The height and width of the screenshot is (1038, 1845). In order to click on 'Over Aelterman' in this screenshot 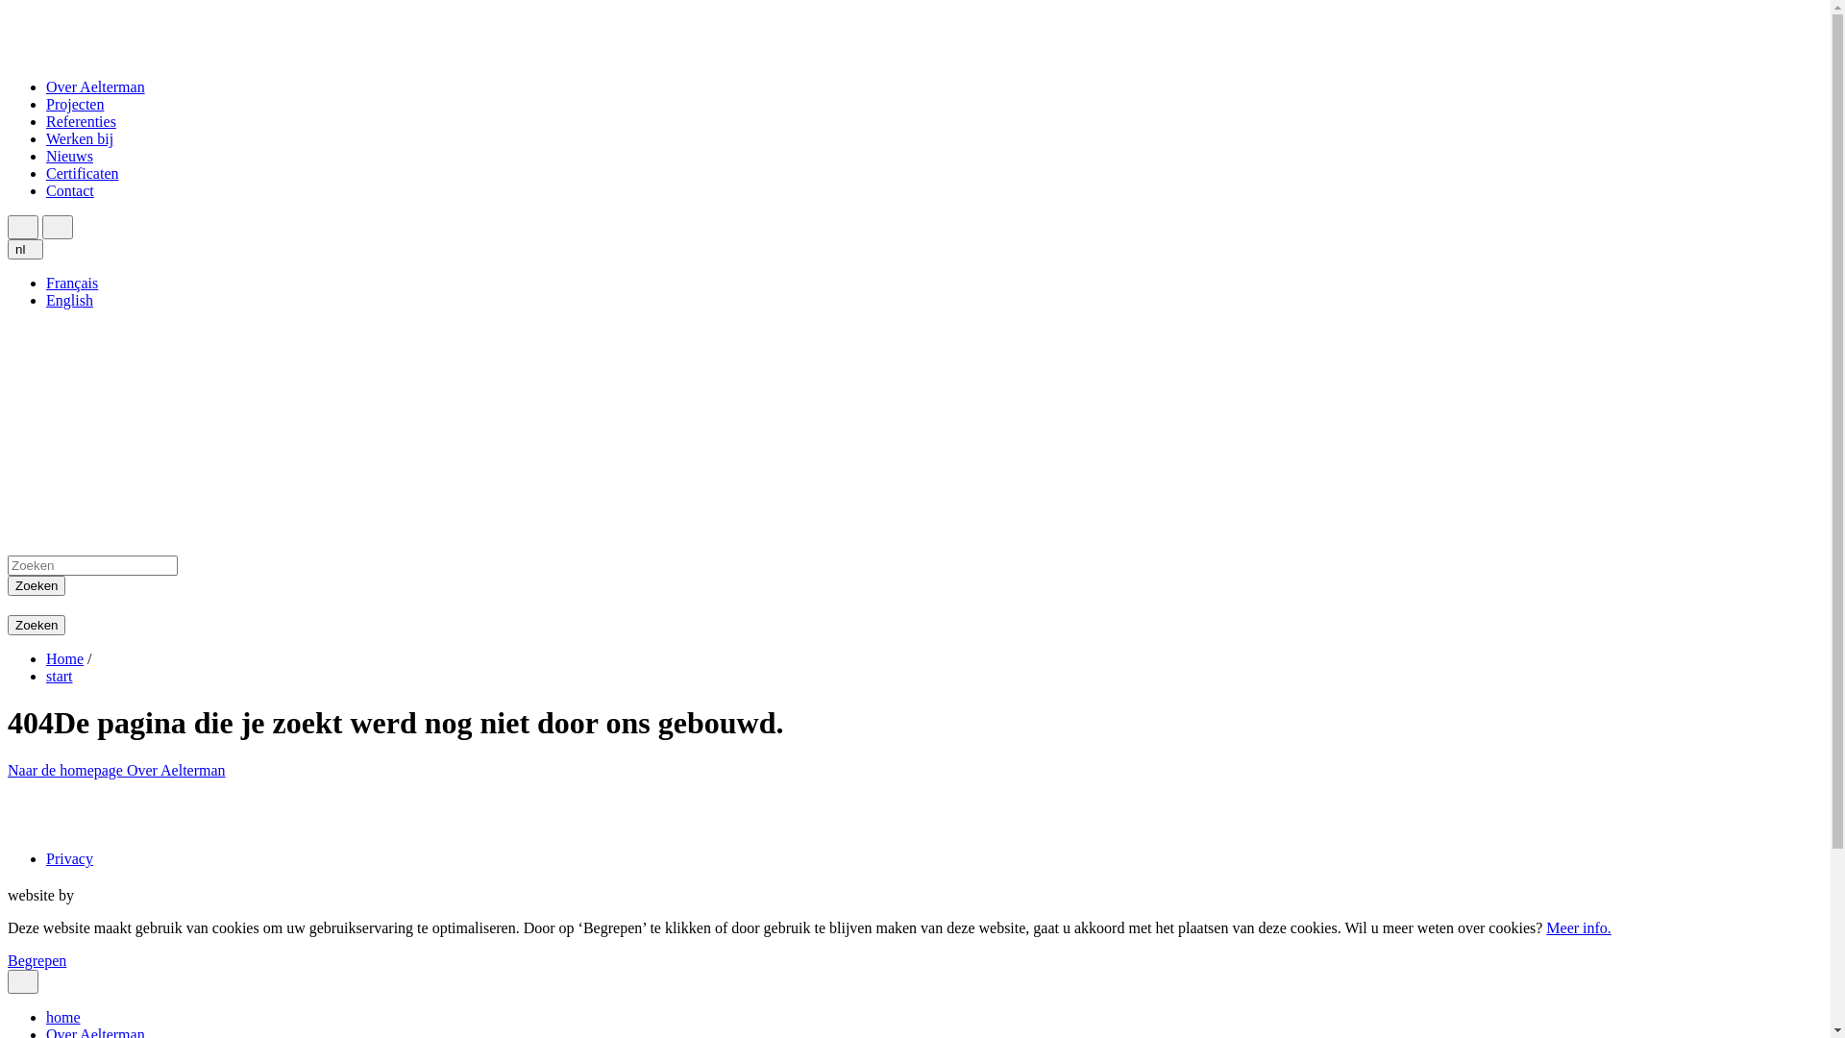, I will do `click(94, 86)`.